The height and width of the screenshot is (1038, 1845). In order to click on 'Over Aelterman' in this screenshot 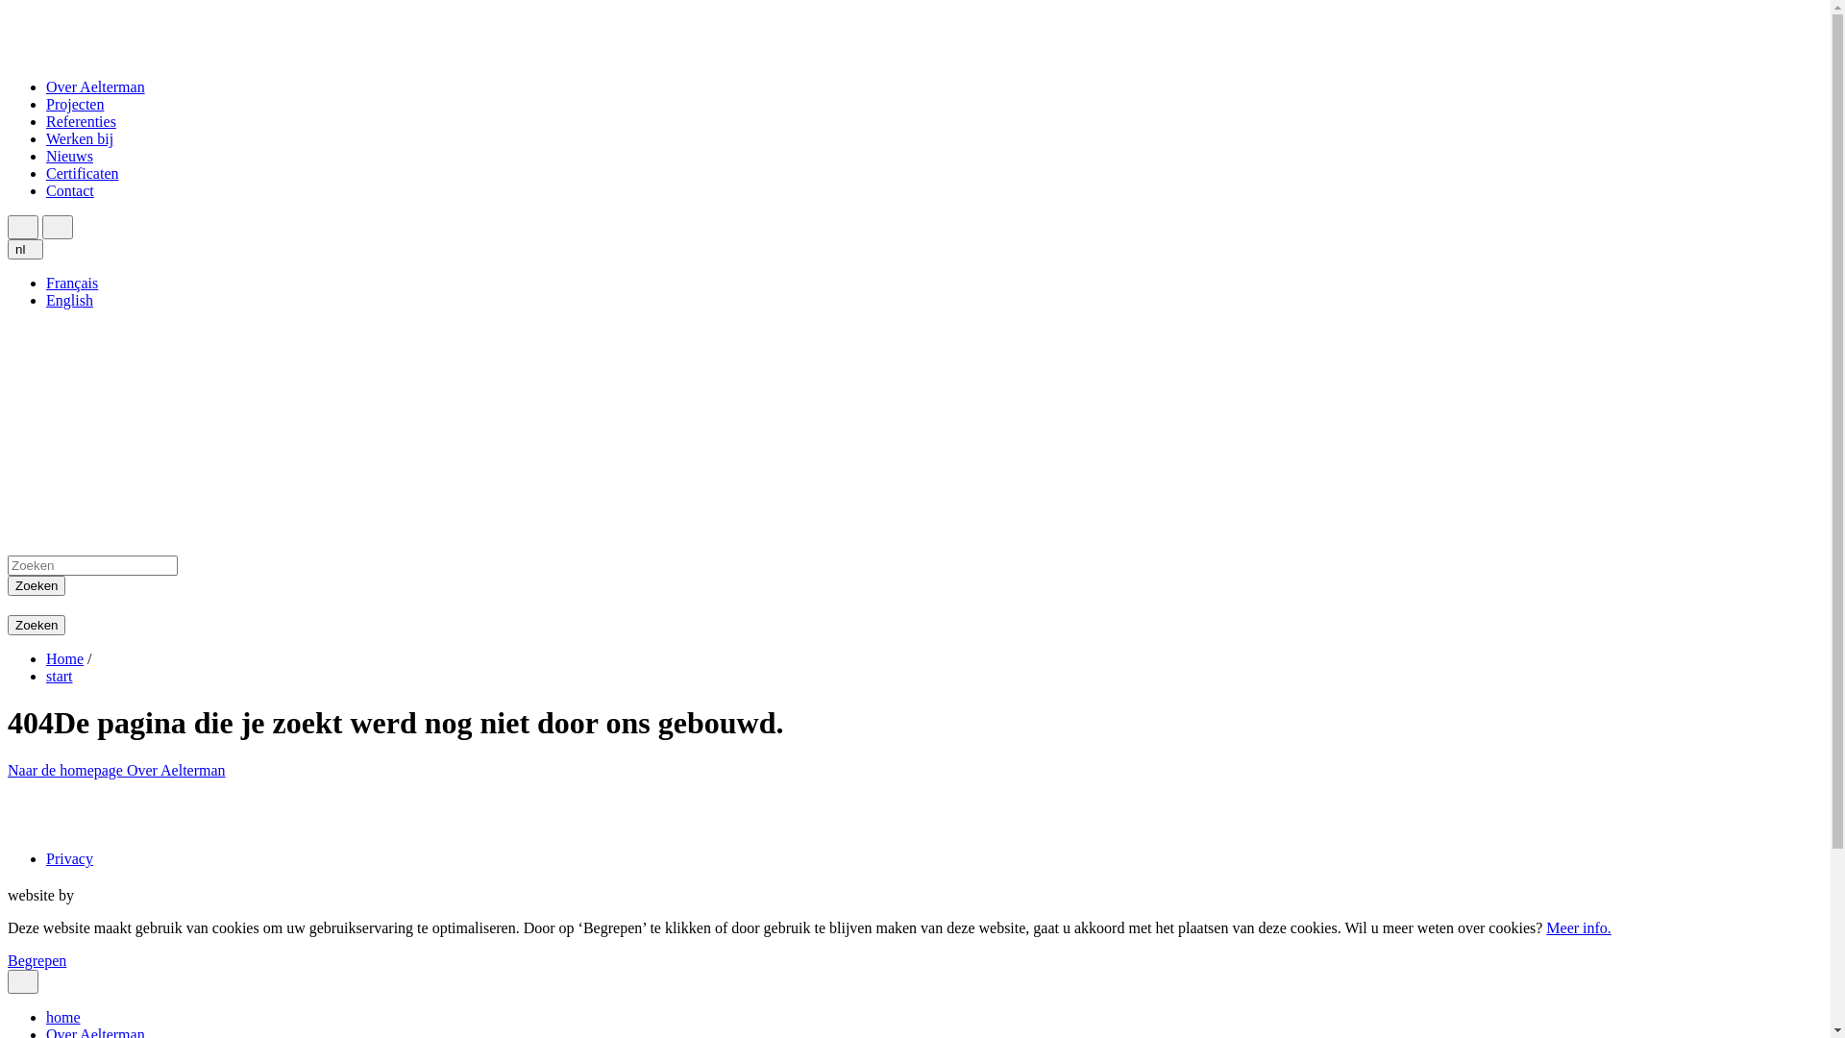, I will do `click(94, 86)`.